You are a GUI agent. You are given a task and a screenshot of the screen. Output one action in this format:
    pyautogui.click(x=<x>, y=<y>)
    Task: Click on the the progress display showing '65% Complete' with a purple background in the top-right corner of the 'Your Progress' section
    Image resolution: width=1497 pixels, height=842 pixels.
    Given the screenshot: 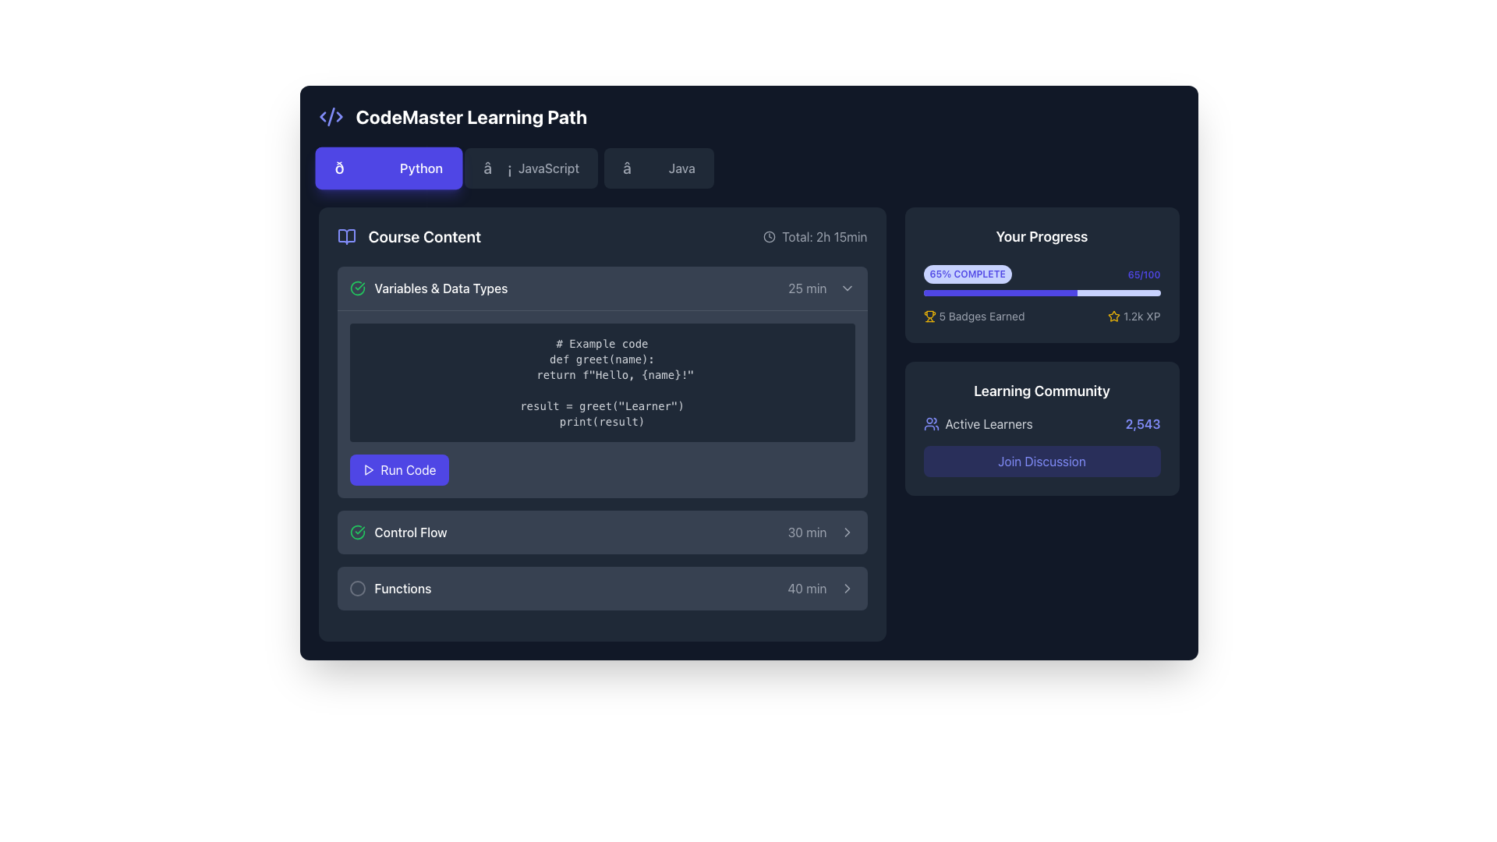 What is the action you would take?
    pyautogui.click(x=1042, y=273)
    